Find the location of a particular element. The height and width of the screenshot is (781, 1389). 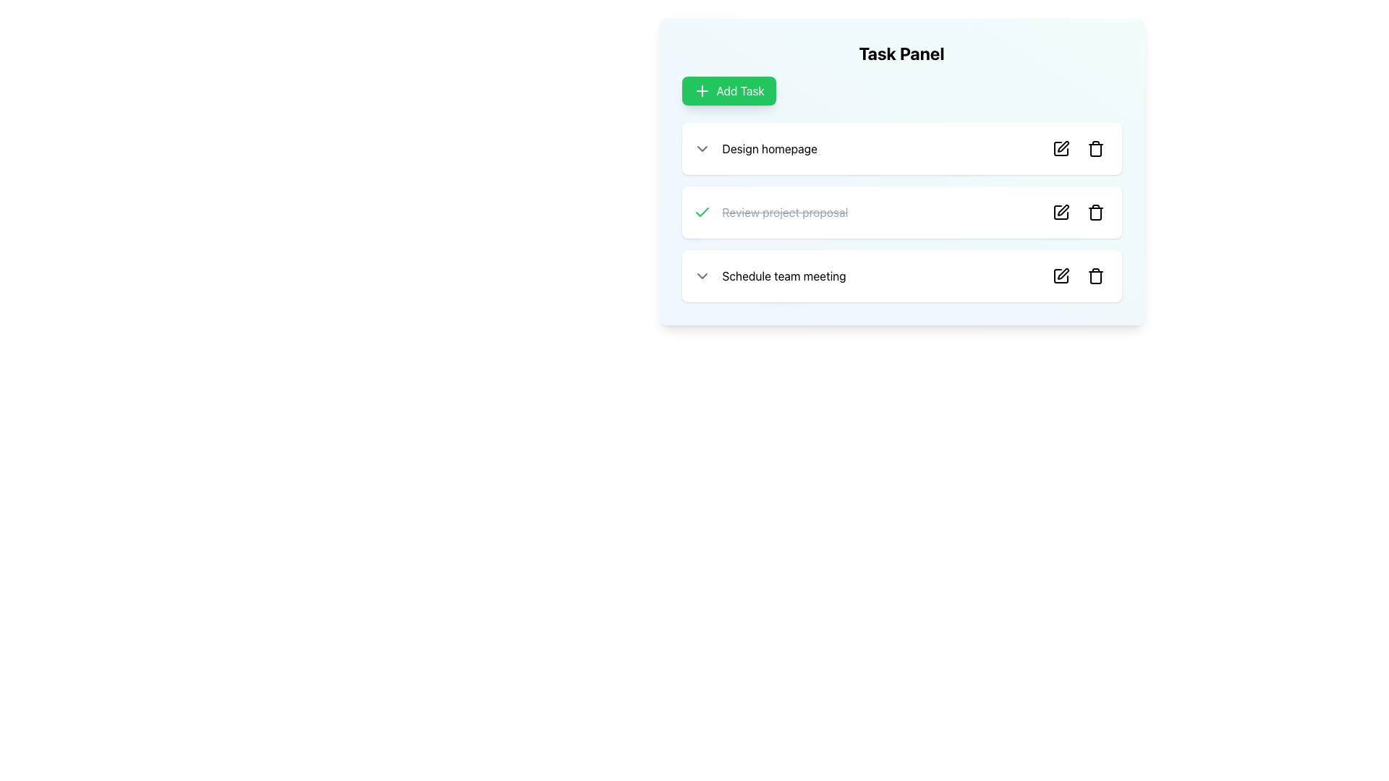

the green checkmark icon next to the text 'Review project proposal' is located at coordinates (702, 212).